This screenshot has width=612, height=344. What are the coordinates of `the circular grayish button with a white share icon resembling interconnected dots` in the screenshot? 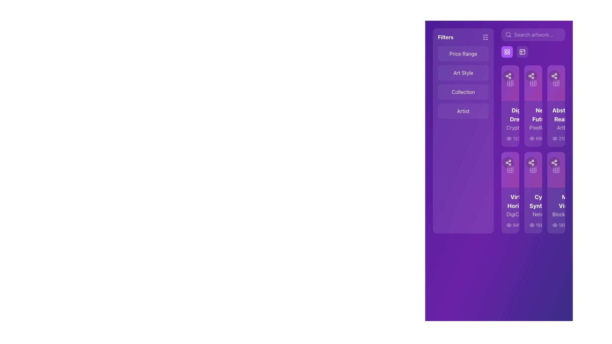 It's located at (524, 162).